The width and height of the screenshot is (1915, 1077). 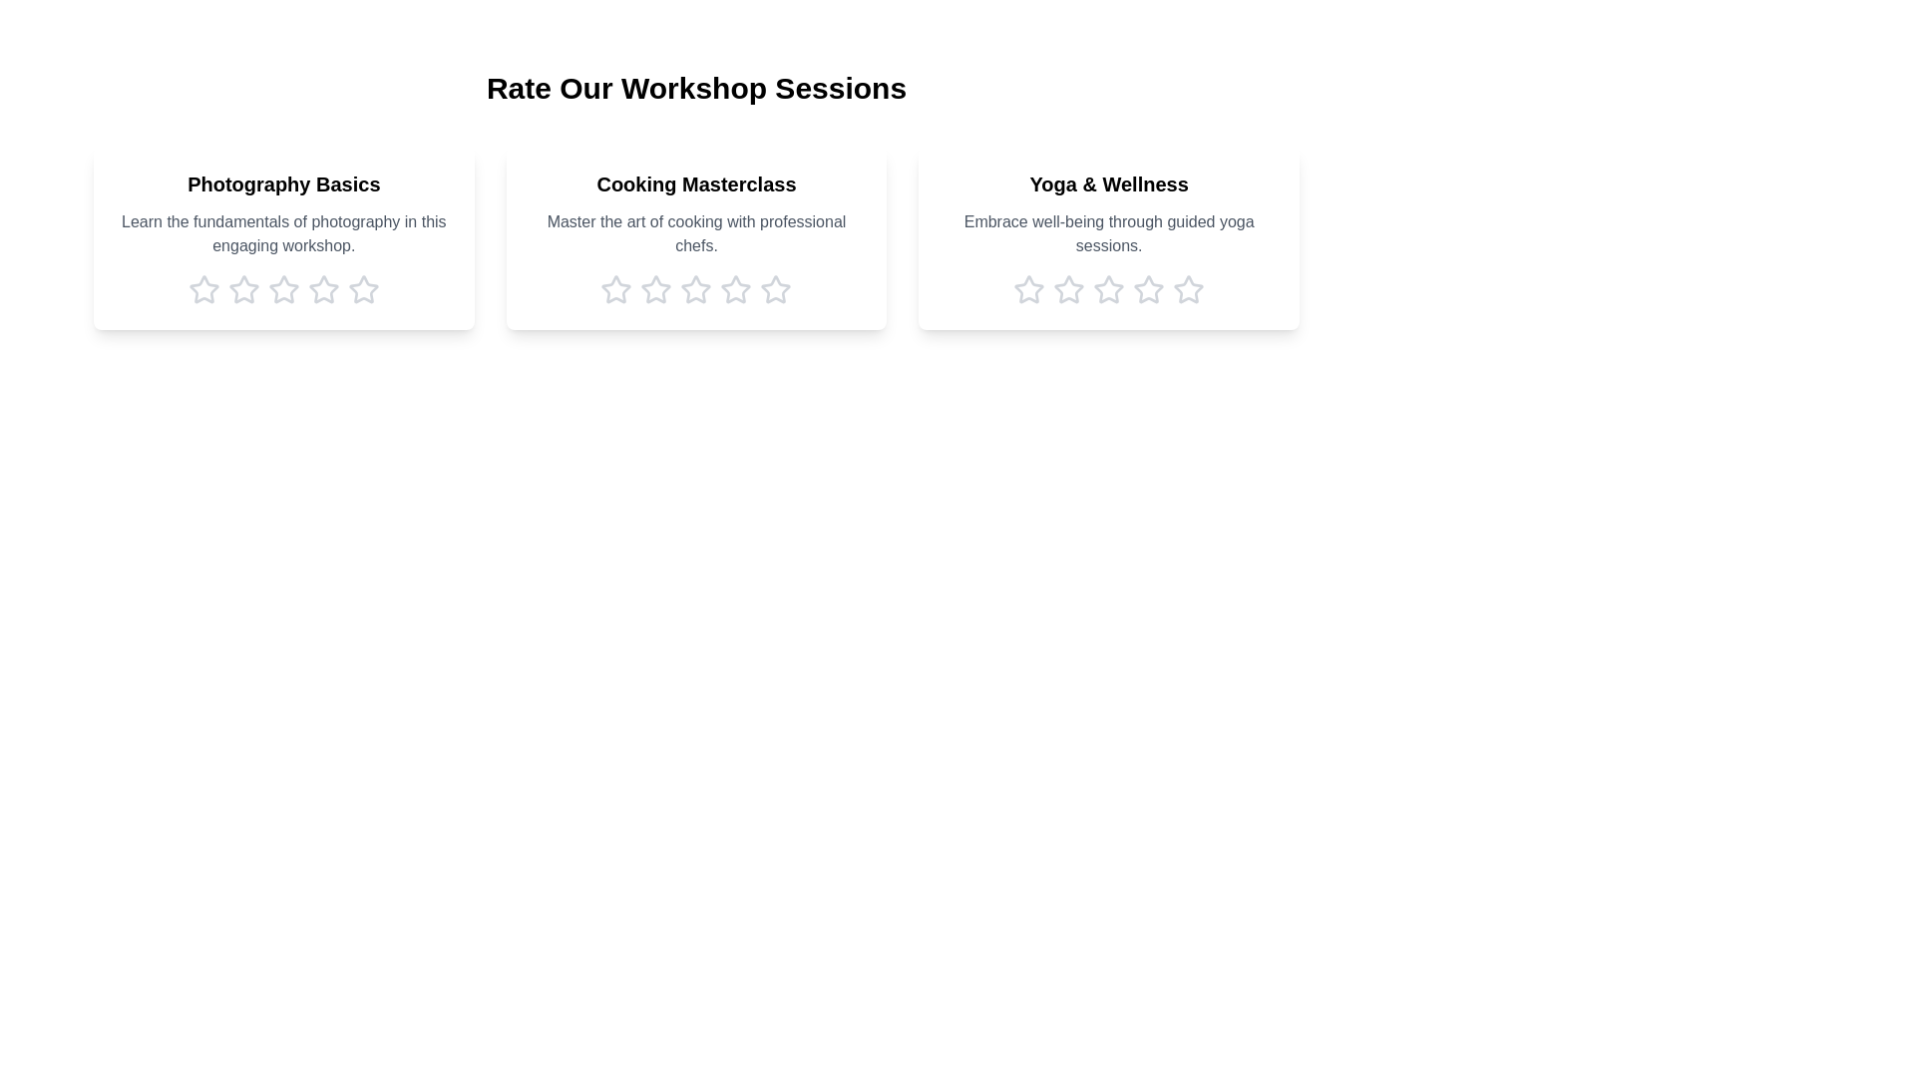 What do you see at coordinates (363, 289) in the screenshot?
I see `the rating for a workshop to 5 stars` at bounding box center [363, 289].